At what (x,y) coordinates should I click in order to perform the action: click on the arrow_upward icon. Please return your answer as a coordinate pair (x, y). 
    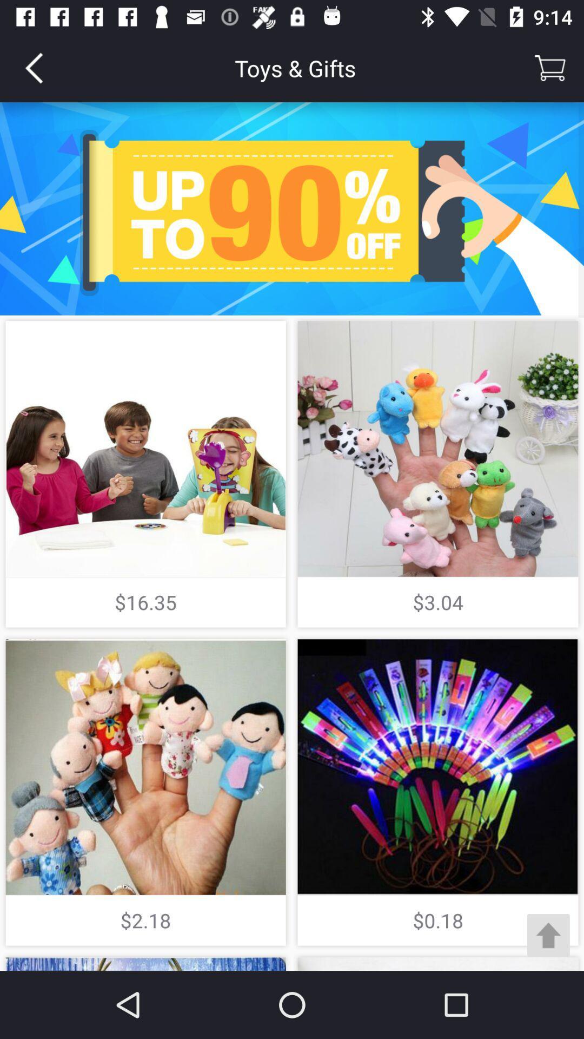
    Looking at the image, I should click on (548, 935).